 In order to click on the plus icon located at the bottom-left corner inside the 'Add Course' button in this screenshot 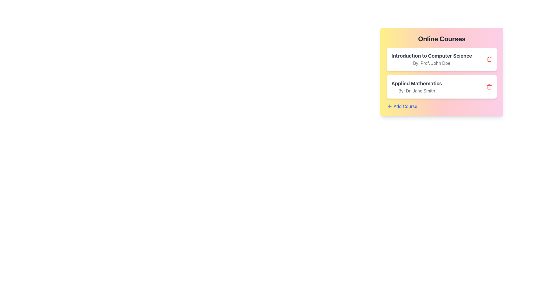, I will do `click(389, 106)`.